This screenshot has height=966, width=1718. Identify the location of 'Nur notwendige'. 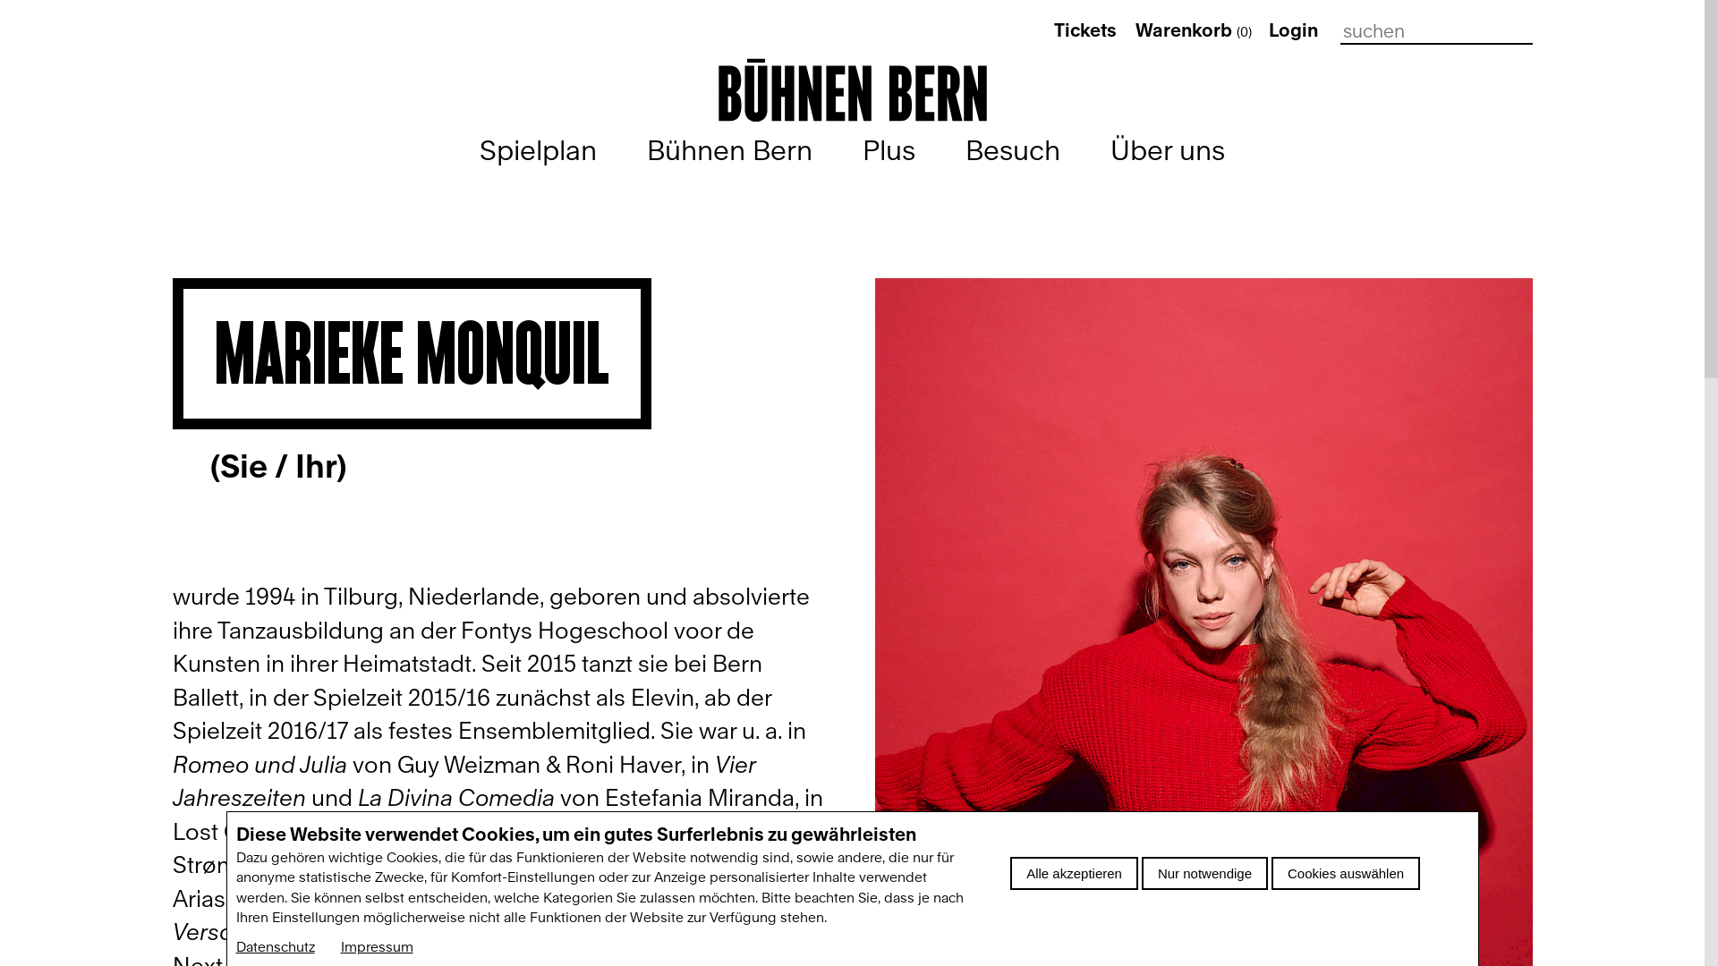
(1204, 872).